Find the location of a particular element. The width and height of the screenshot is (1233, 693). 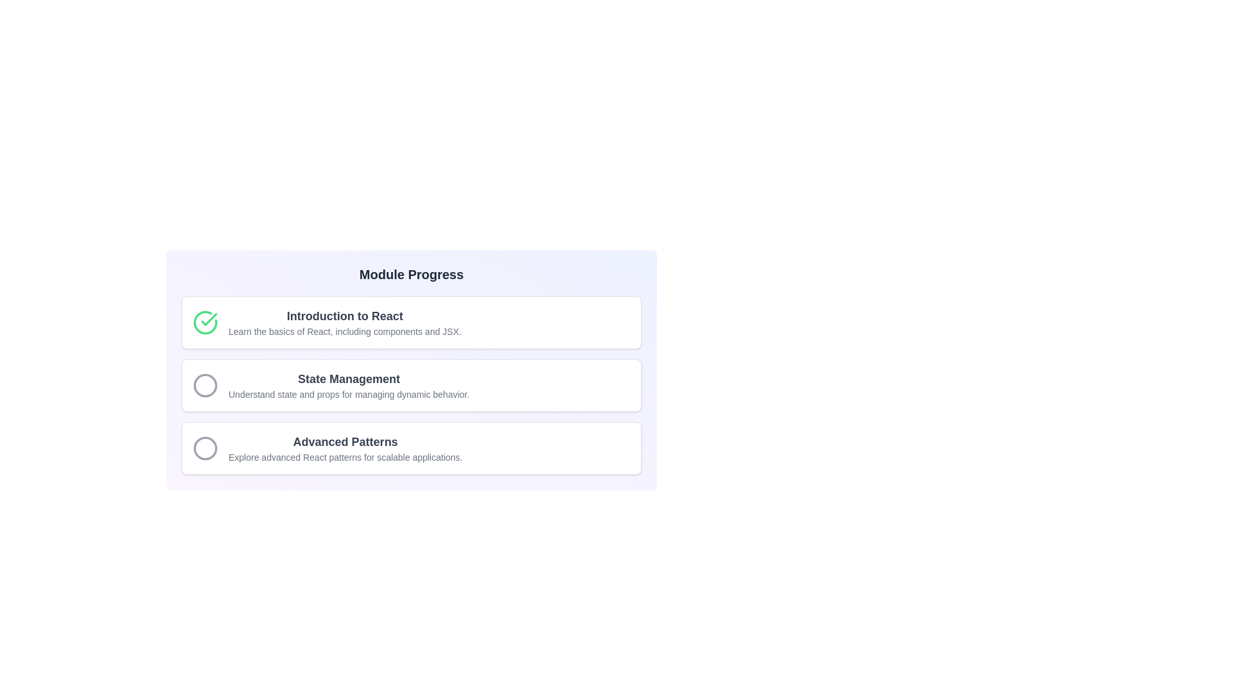

the Text Content Block containing the title 'Advanced Patterns' and the subtitle 'Explore advanced React patterns for scalable applications.' which is the third card in the 'Module Progress' section is located at coordinates (345, 447).